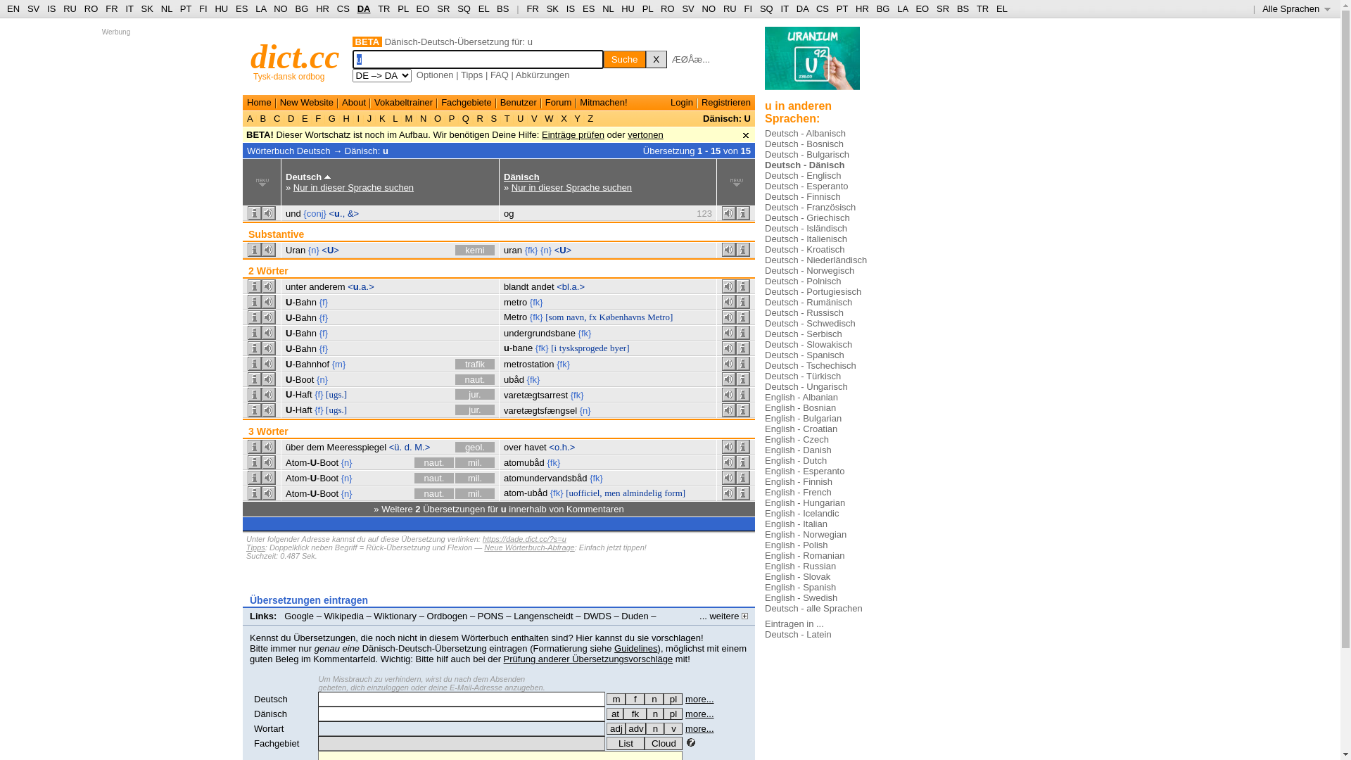 The image size is (1351, 760). What do you see at coordinates (763, 417) in the screenshot?
I see `'English - Bulgarian'` at bounding box center [763, 417].